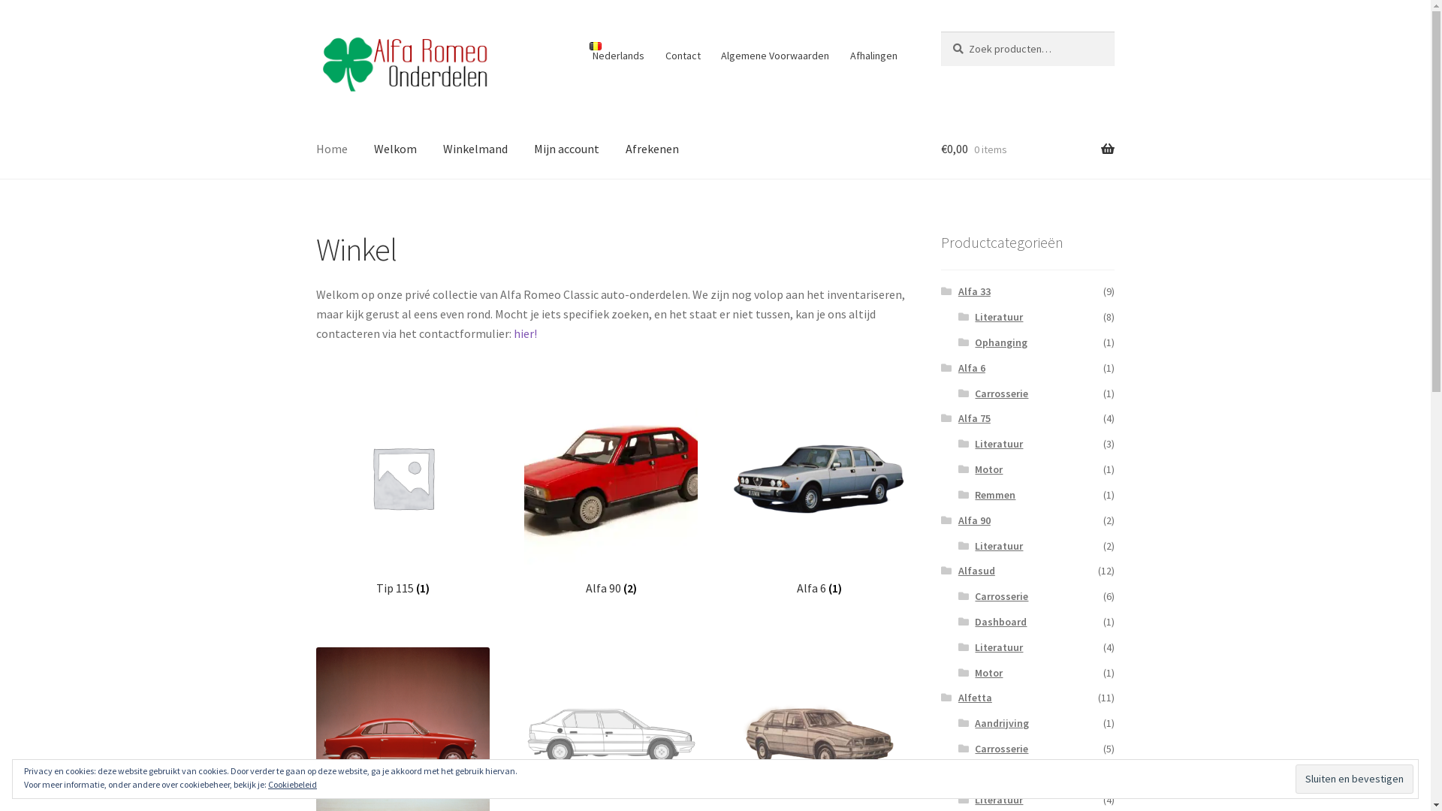 This screenshot has height=811, width=1442. Describe the element at coordinates (1354, 778) in the screenshot. I see `'Sluiten en bevestigen'` at that location.